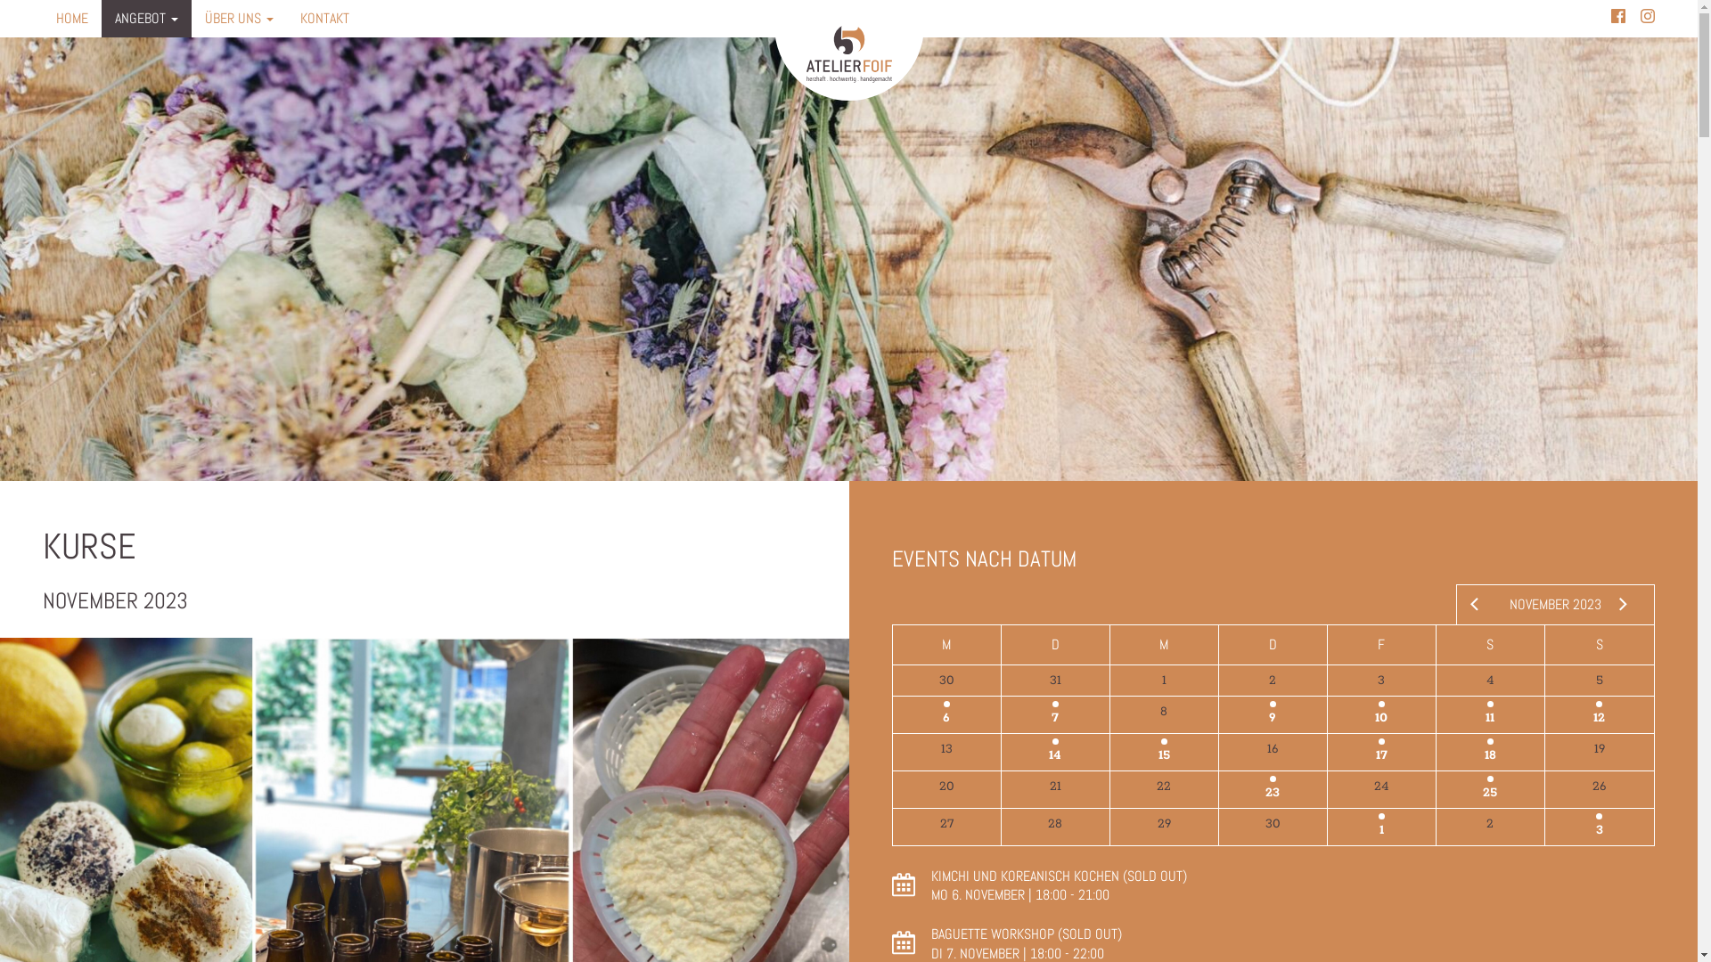 This screenshot has height=962, width=1711. I want to click on '1 VERANSTALTUNG,, so click(1001, 752).